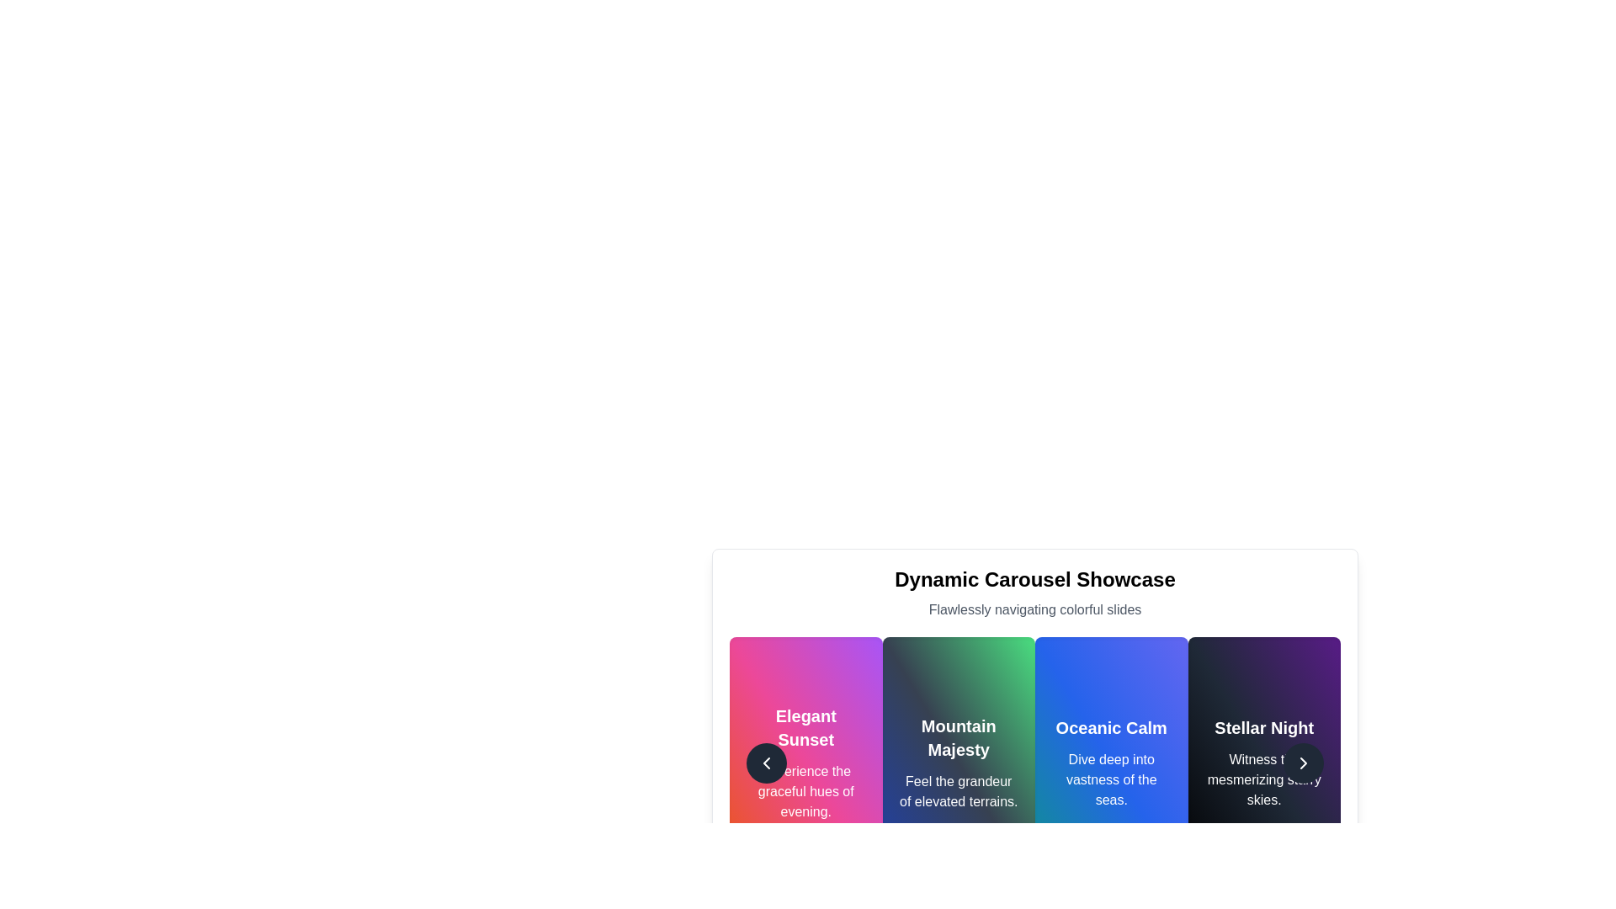  What do you see at coordinates (1264, 779) in the screenshot?
I see `white sans-serif text stating 'Witness the mesmerizing starry skies.' located beneath the title 'Stellar Night' in the fourth card of the carousel` at bounding box center [1264, 779].